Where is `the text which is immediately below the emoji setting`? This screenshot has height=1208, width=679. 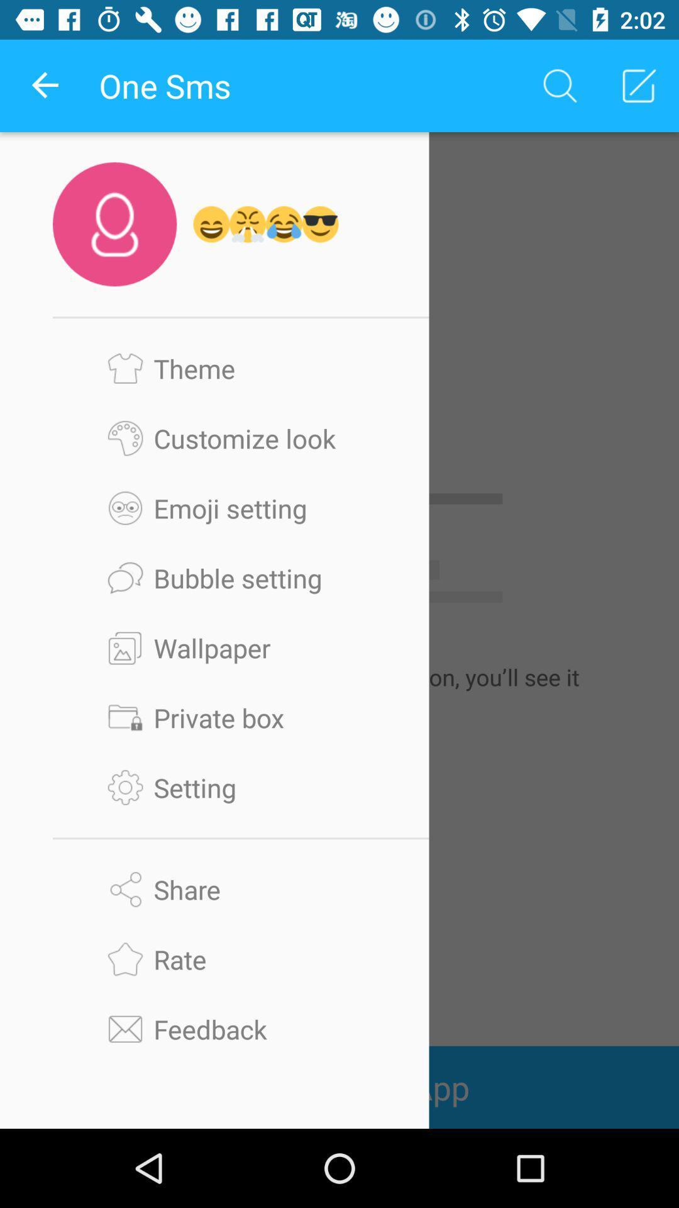 the text which is immediately below the emoji setting is located at coordinates (241, 577).